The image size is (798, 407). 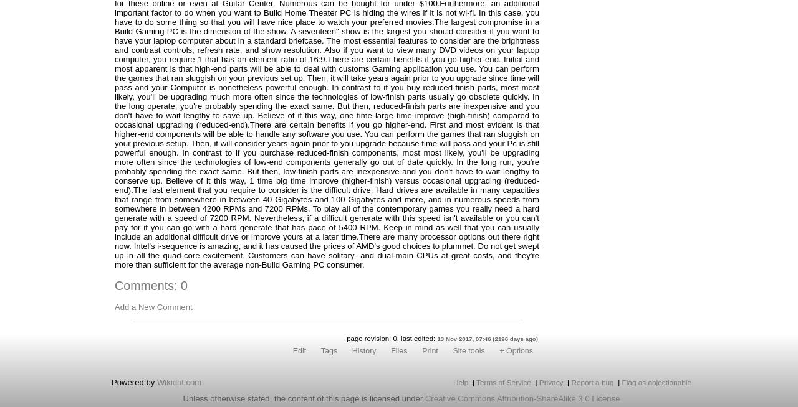 What do you see at coordinates (499, 351) in the screenshot?
I see `'+ Options'` at bounding box center [499, 351].